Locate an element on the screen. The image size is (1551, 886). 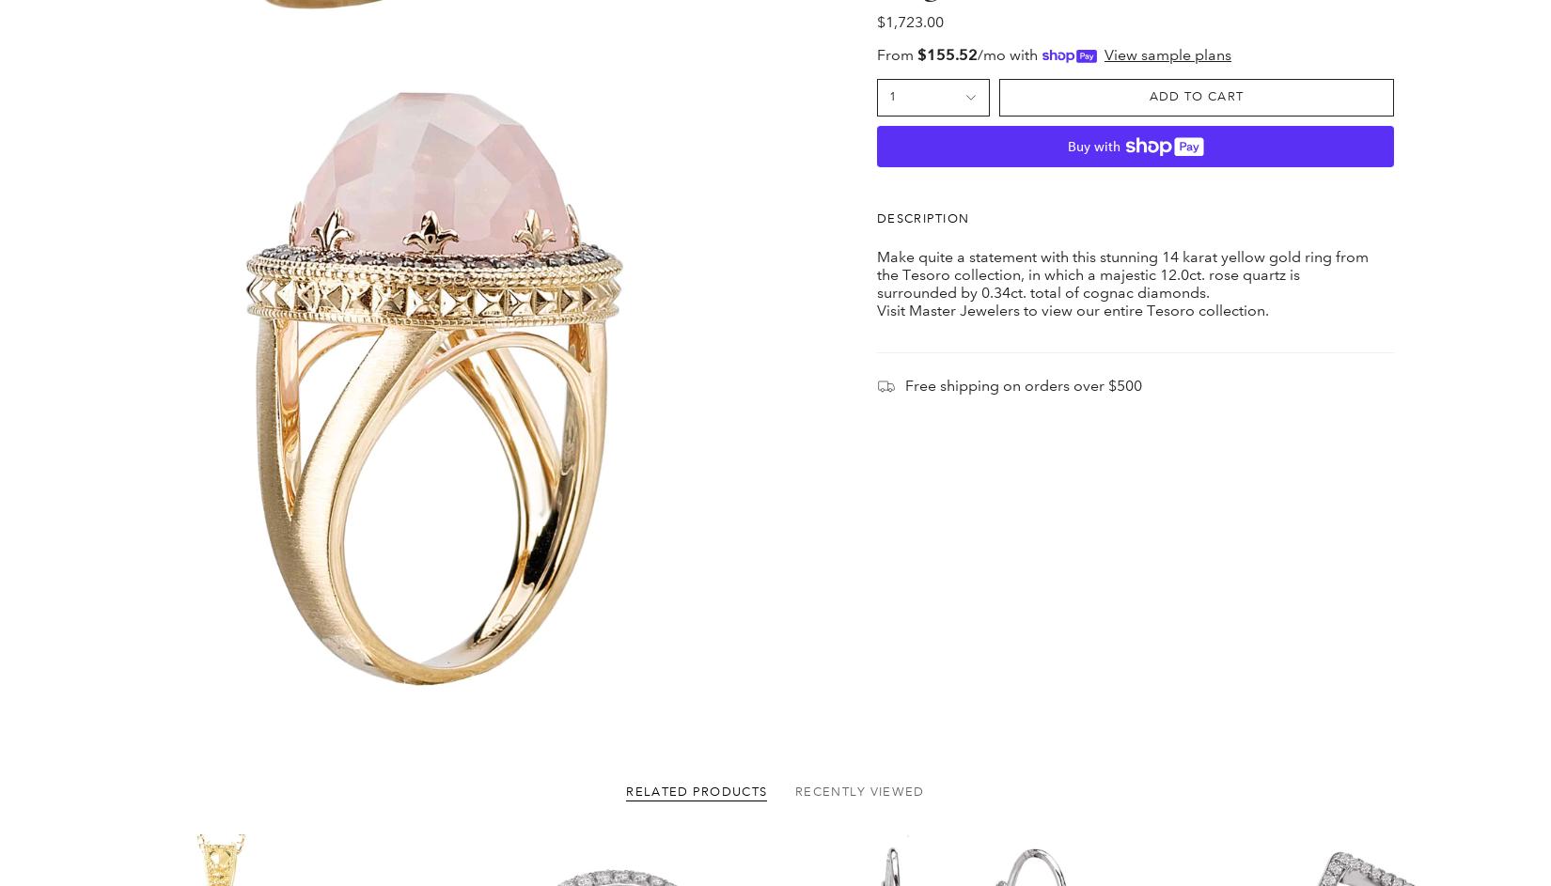
'Diamonds' is located at coordinates (541, 740).